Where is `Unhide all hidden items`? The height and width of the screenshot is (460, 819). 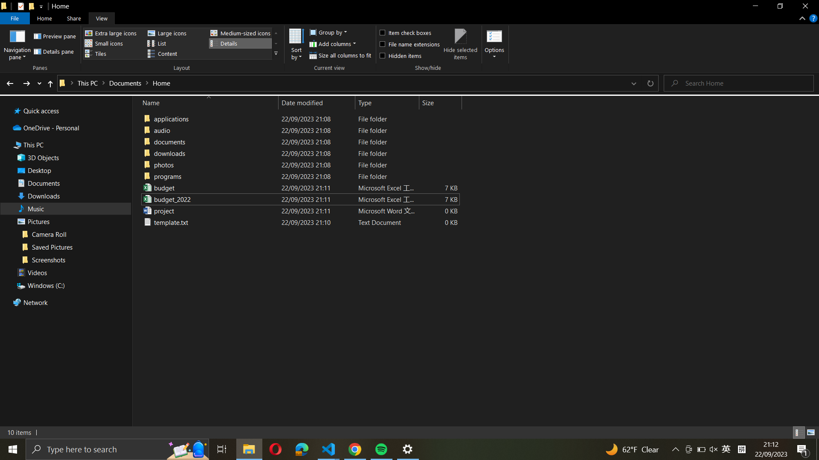
Unhide all hidden items is located at coordinates (409, 55).